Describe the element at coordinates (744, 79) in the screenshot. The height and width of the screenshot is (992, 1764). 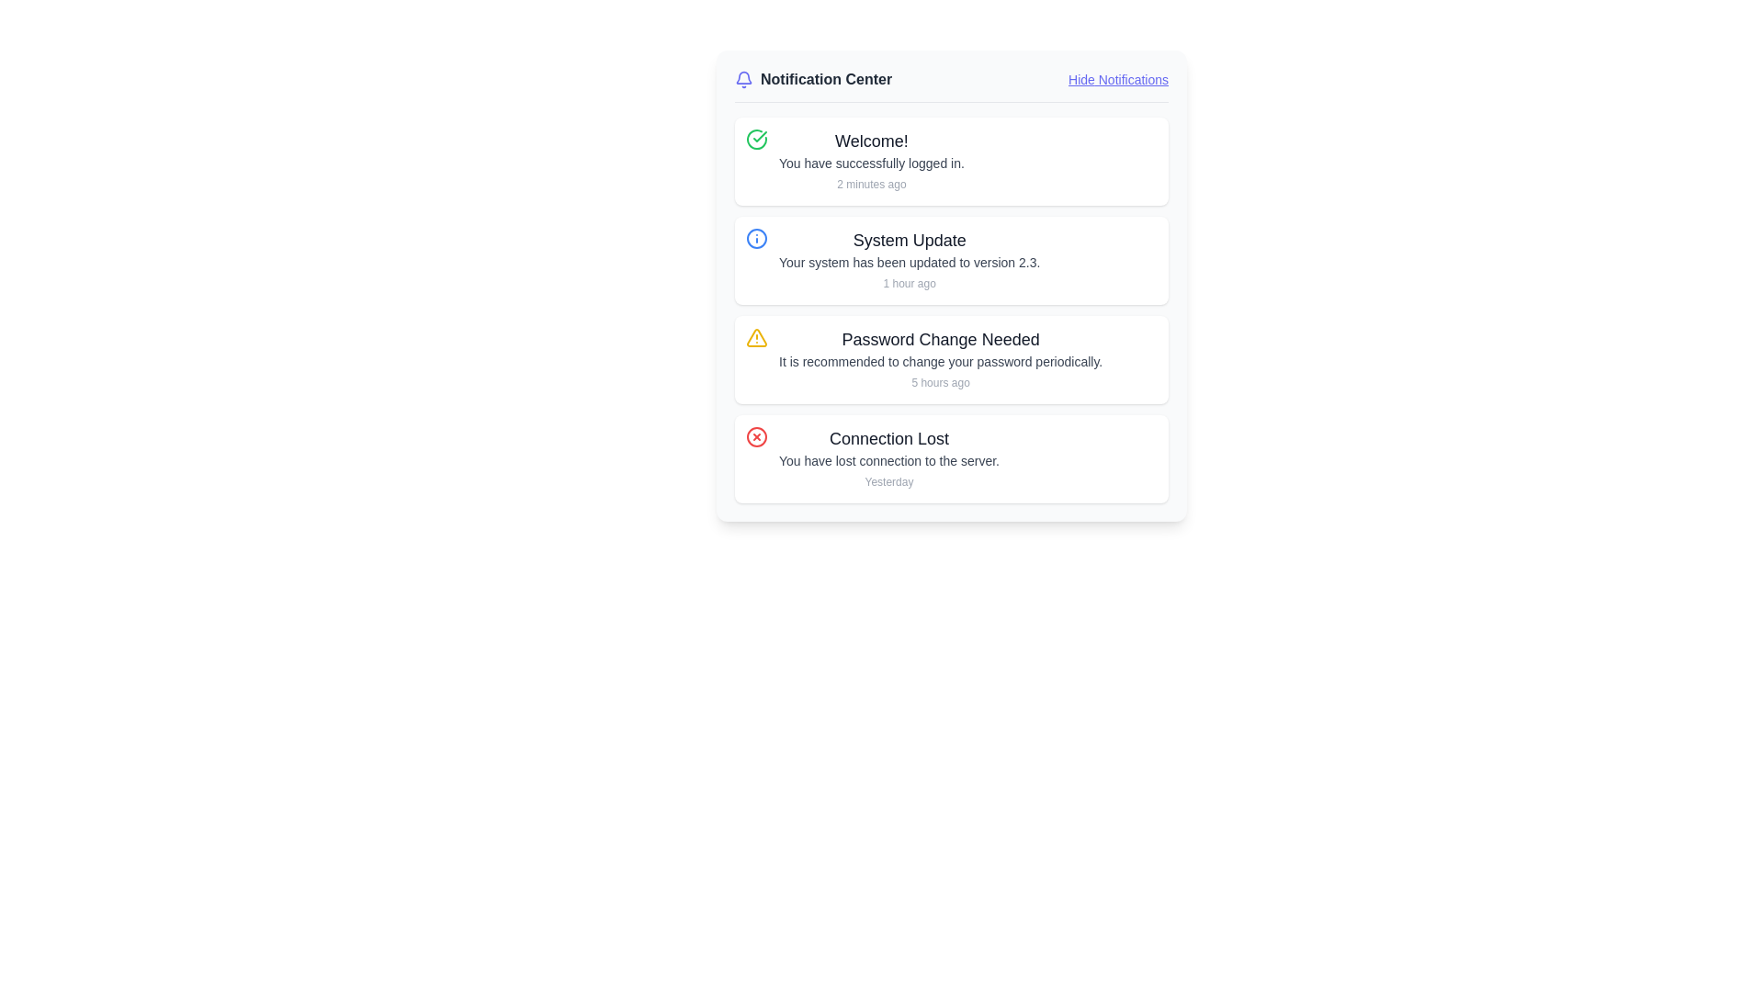
I see `the bell icon in the Notification Center header, which is indigo with a thin outline and located on the leftmost side adjacent to the text 'Notification Center'` at that location.